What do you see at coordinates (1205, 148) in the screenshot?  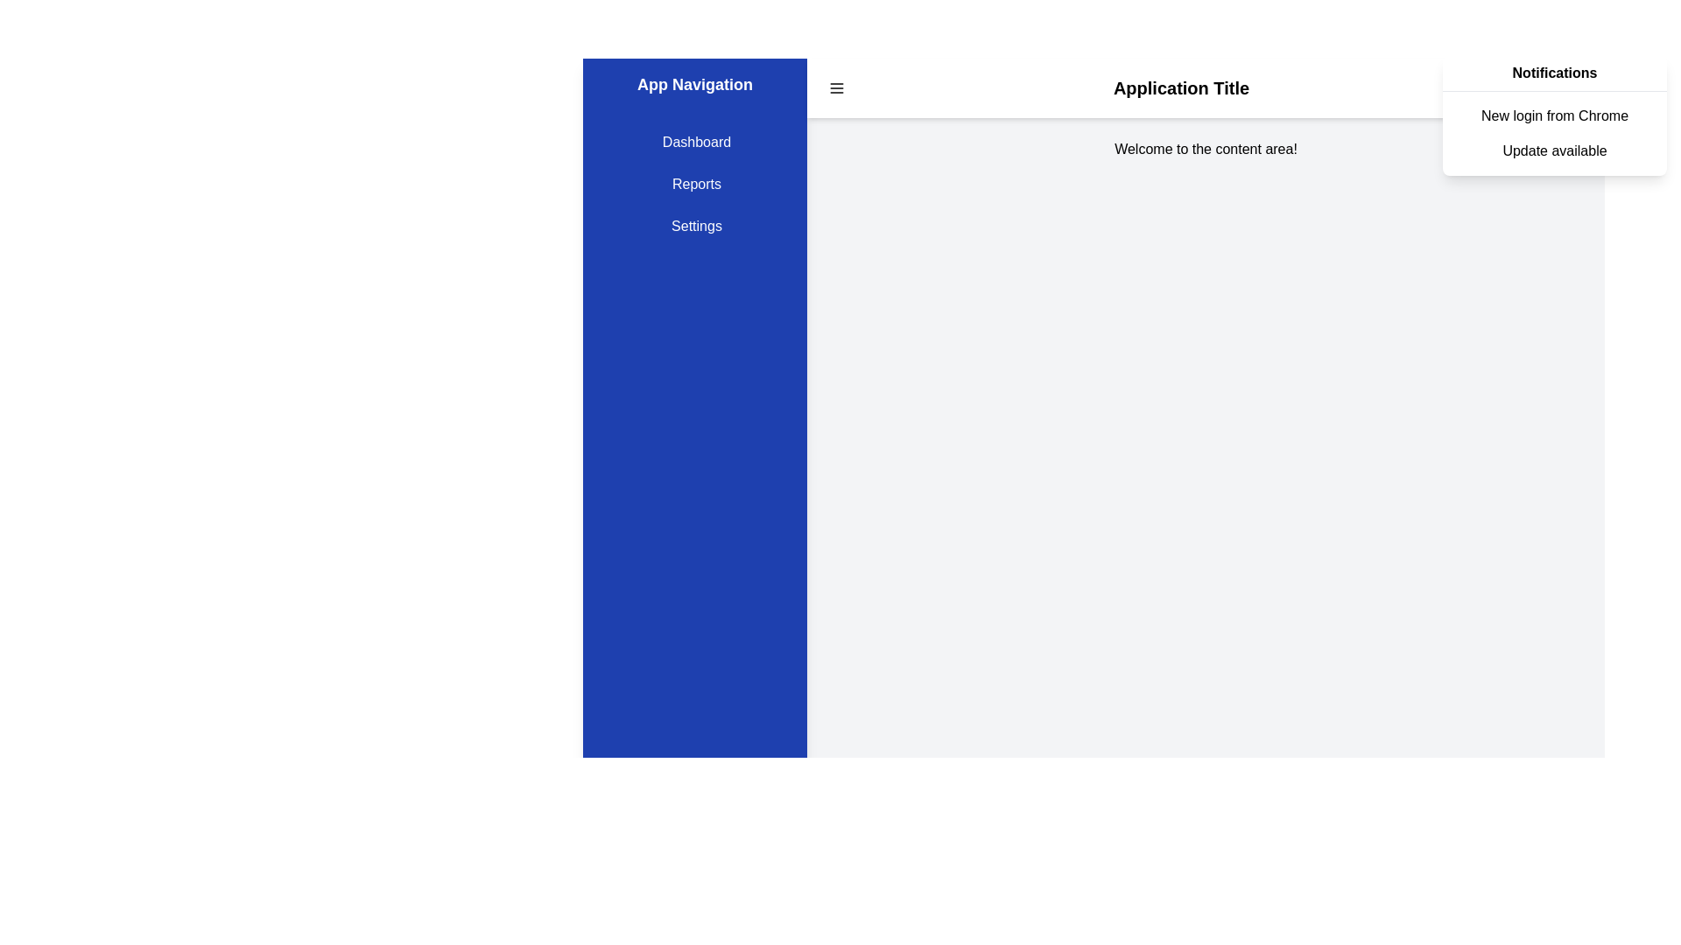 I see `the text label displaying 'Welcome to the content area!' located near the top of the content section` at bounding box center [1205, 148].